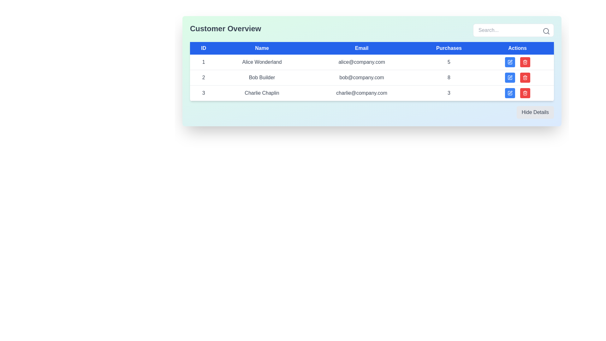 The image size is (606, 341). Describe the element at coordinates (545, 31) in the screenshot. I see `the circular part of the magnifying glass icon located at the end of the search bar` at that location.